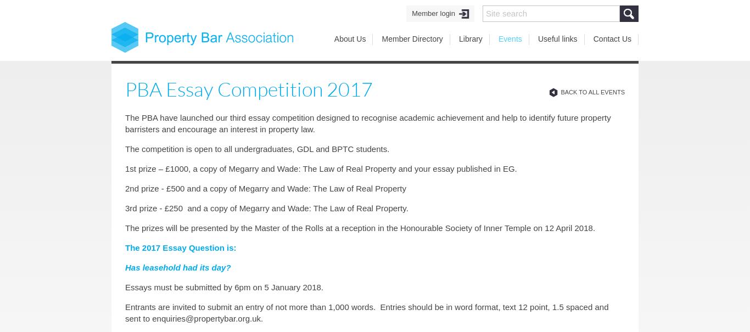 The height and width of the screenshot is (332, 750). I want to click on 'Member Directory', so click(412, 39).